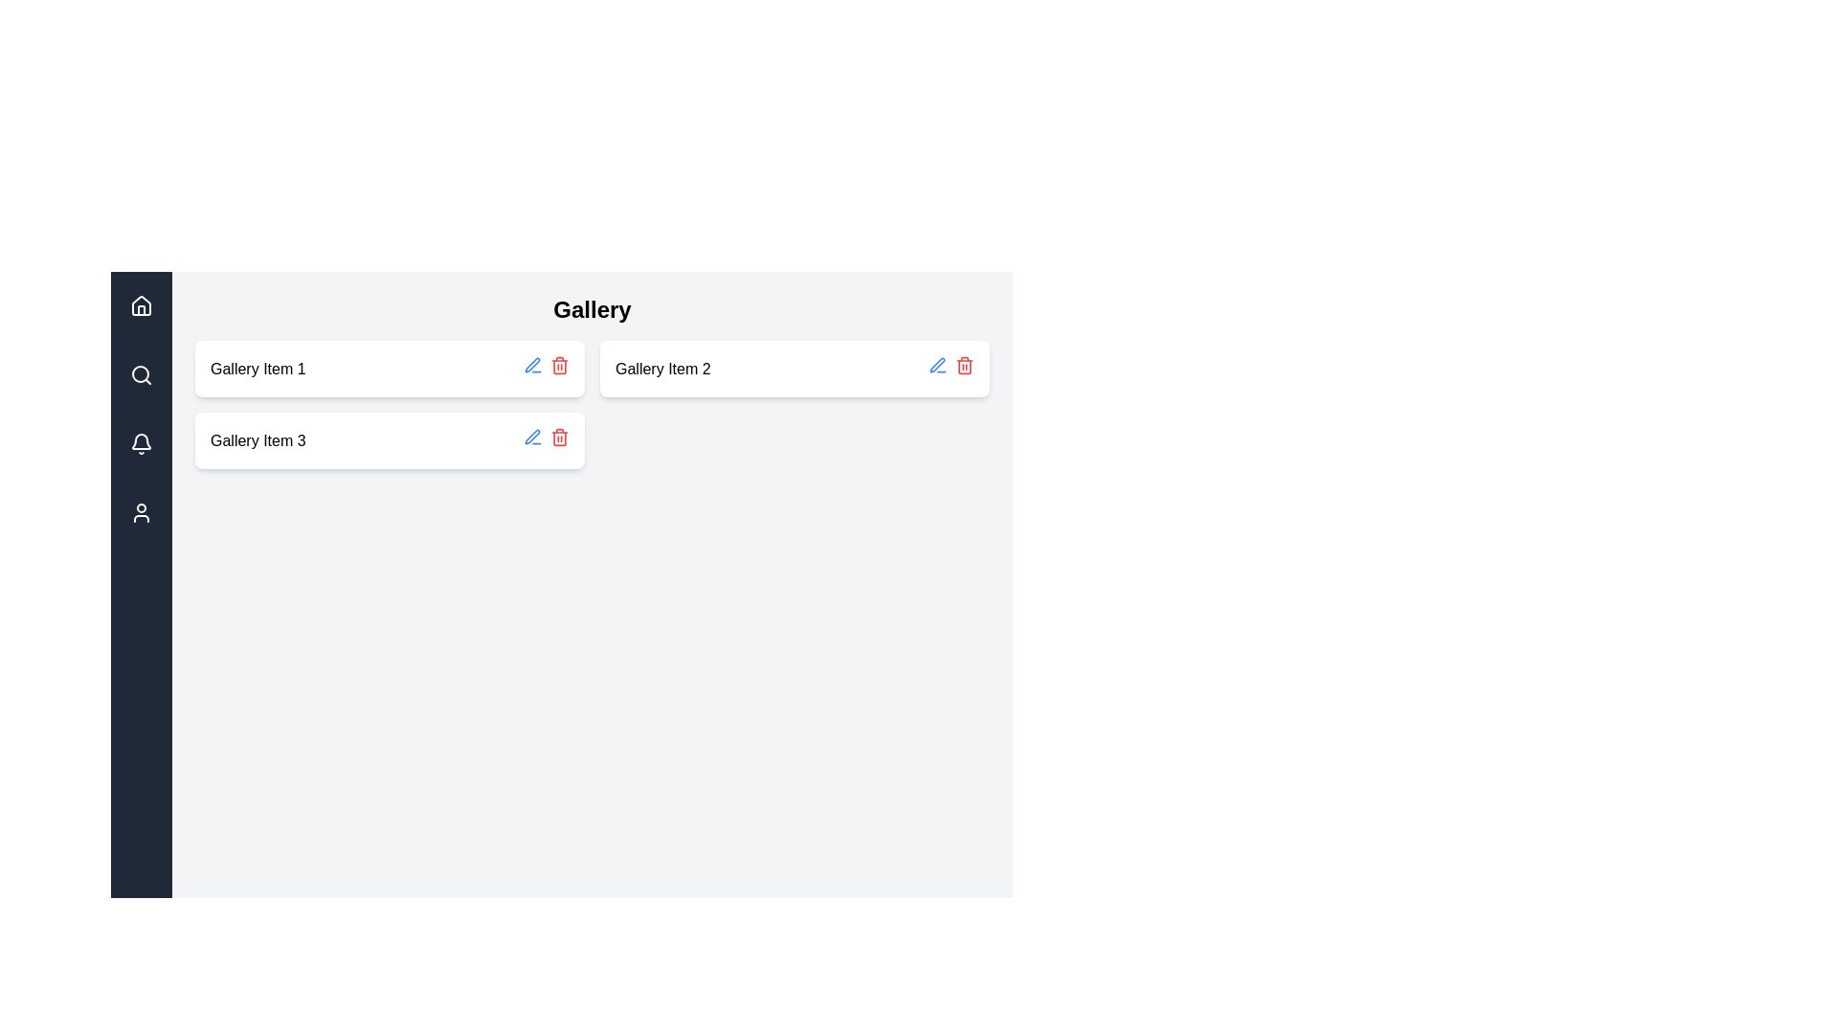 The image size is (1838, 1034). I want to click on the house icon button located at the top of the vertical menu on the left side of the interface, so click(141, 304).